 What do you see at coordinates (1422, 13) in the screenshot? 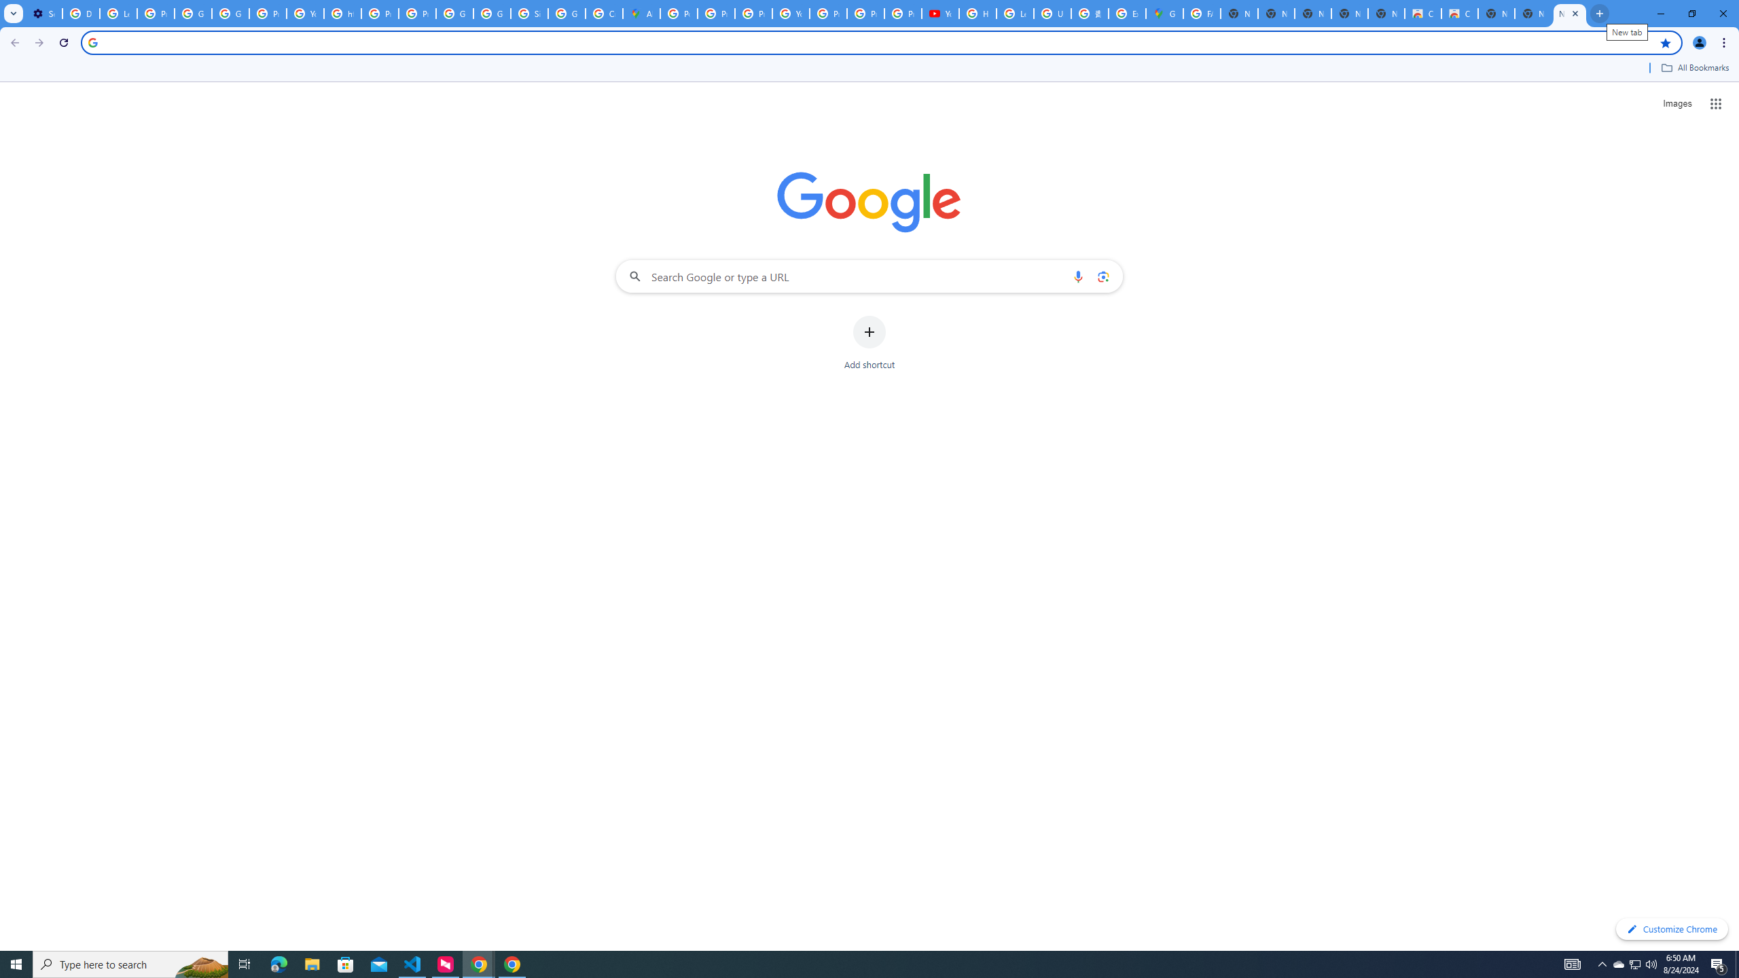
I see `'Classic Blue - Chrome Web Store'` at bounding box center [1422, 13].